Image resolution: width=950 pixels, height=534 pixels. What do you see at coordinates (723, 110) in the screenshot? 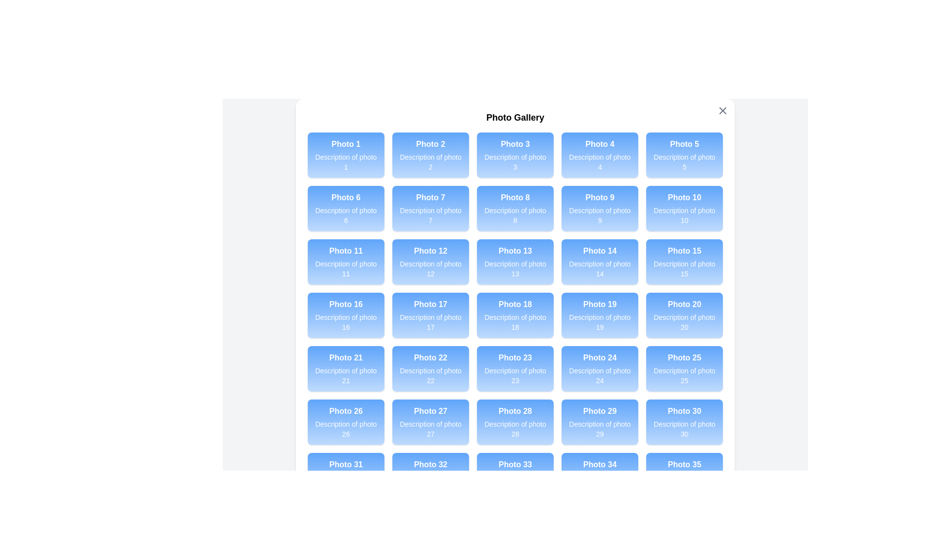
I see `the close button located at the top-right corner of the dialog` at bounding box center [723, 110].